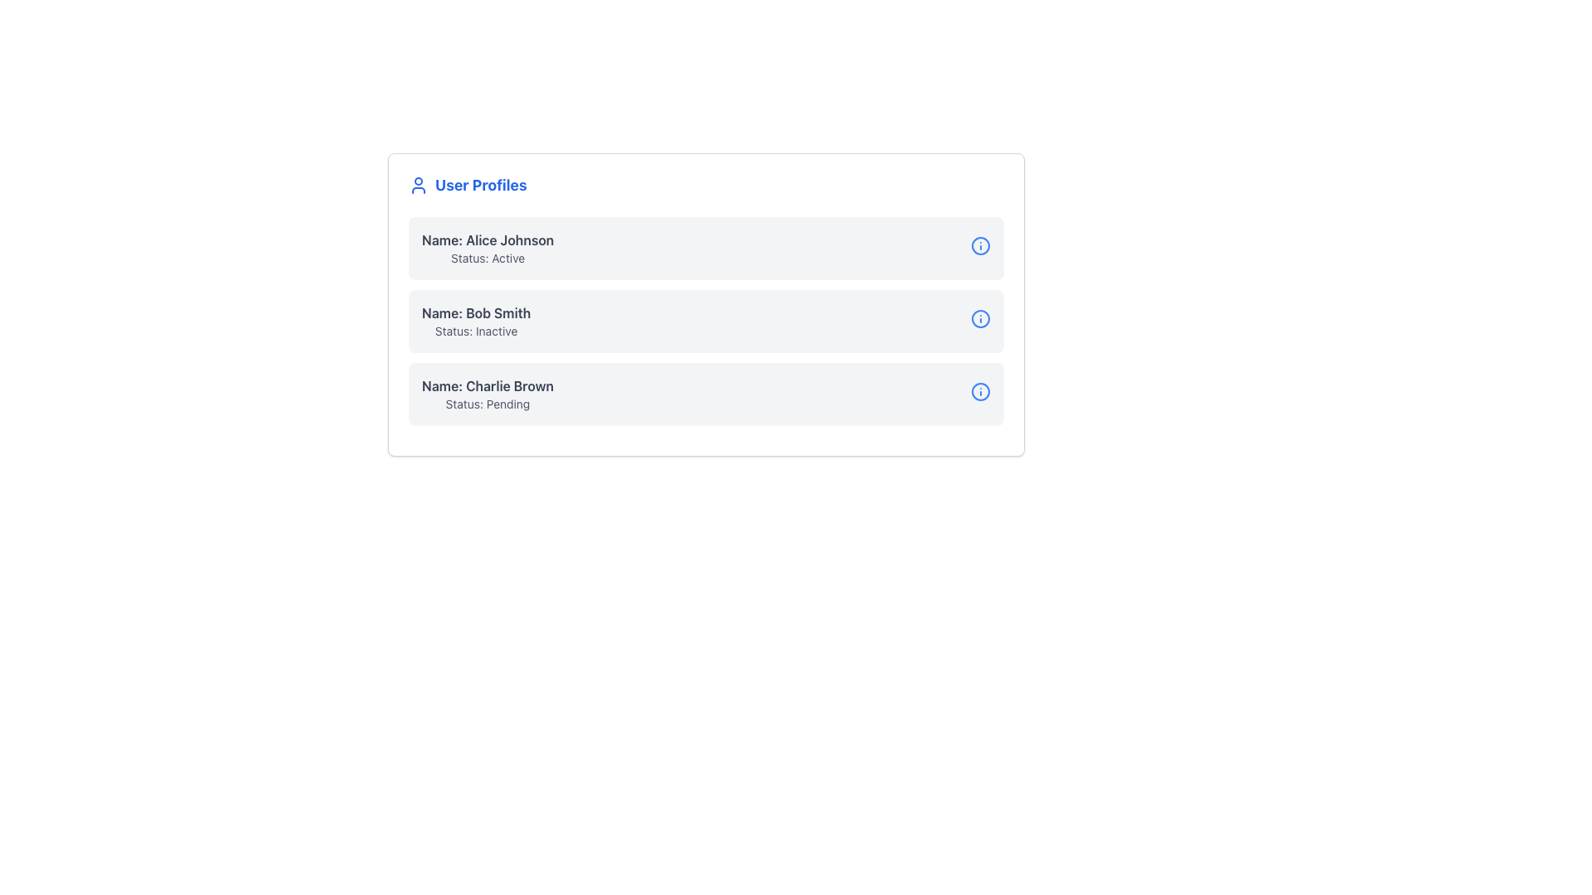 Image resolution: width=1592 pixels, height=895 pixels. I want to click on the 'Name: Bob Smith' label, which is the top text area within the second user profile card, centrally placed above 'Status: Inactive', so click(475, 313).